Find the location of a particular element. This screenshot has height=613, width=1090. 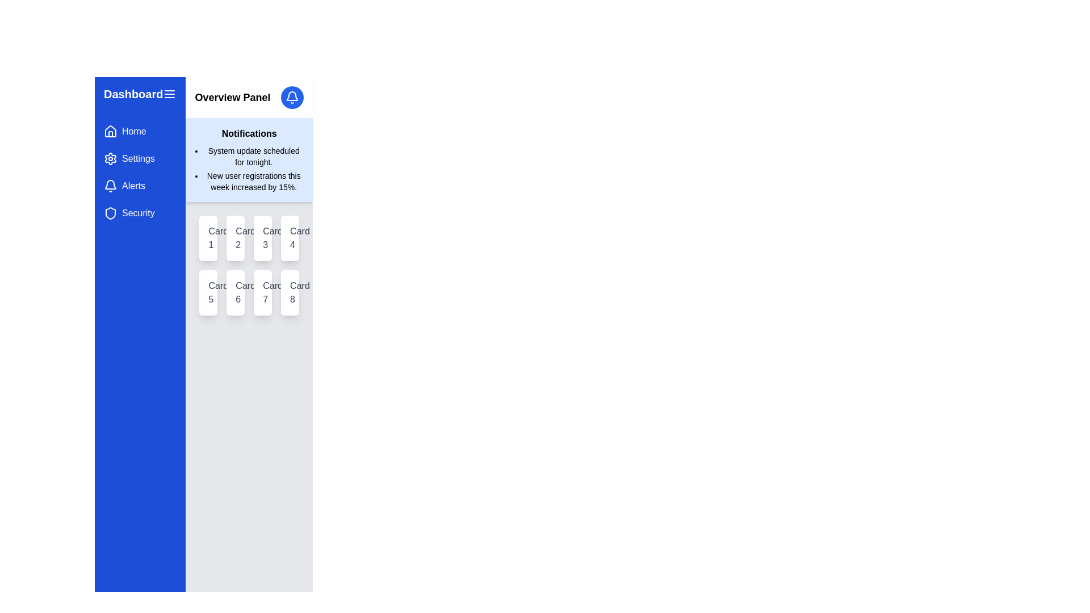

the interactive notifications button located in the top-right corner of the 'Overview Panel' is located at coordinates (292, 97).